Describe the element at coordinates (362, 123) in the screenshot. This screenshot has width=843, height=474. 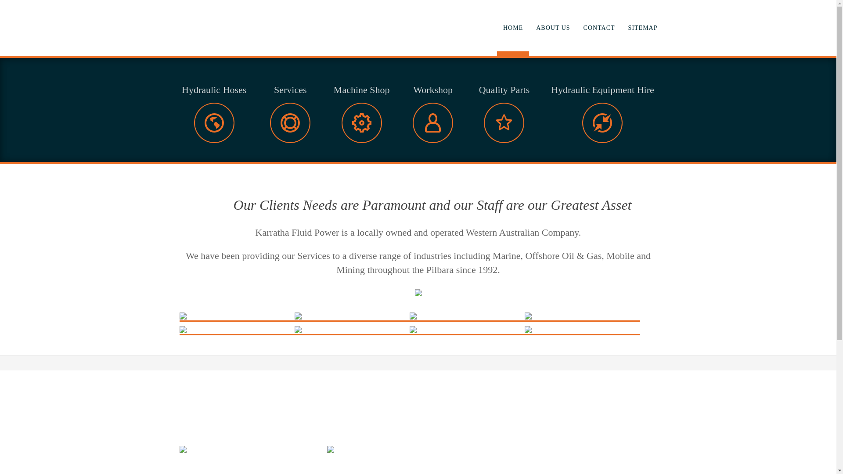
I see `'icon'` at that location.